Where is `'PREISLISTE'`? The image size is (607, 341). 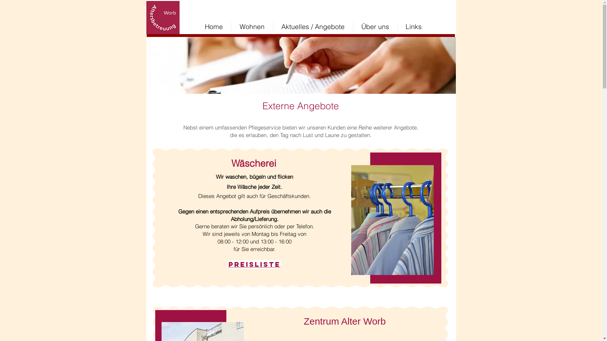 'PREISLISTE' is located at coordinates (254, 264).